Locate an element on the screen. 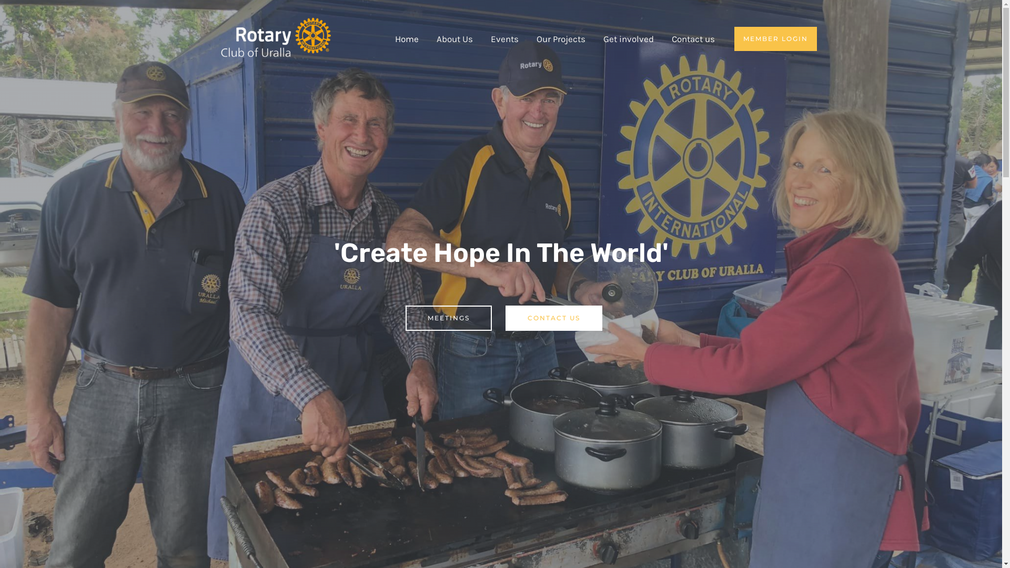  'Our Projects' is located at coordinates (527, 38).